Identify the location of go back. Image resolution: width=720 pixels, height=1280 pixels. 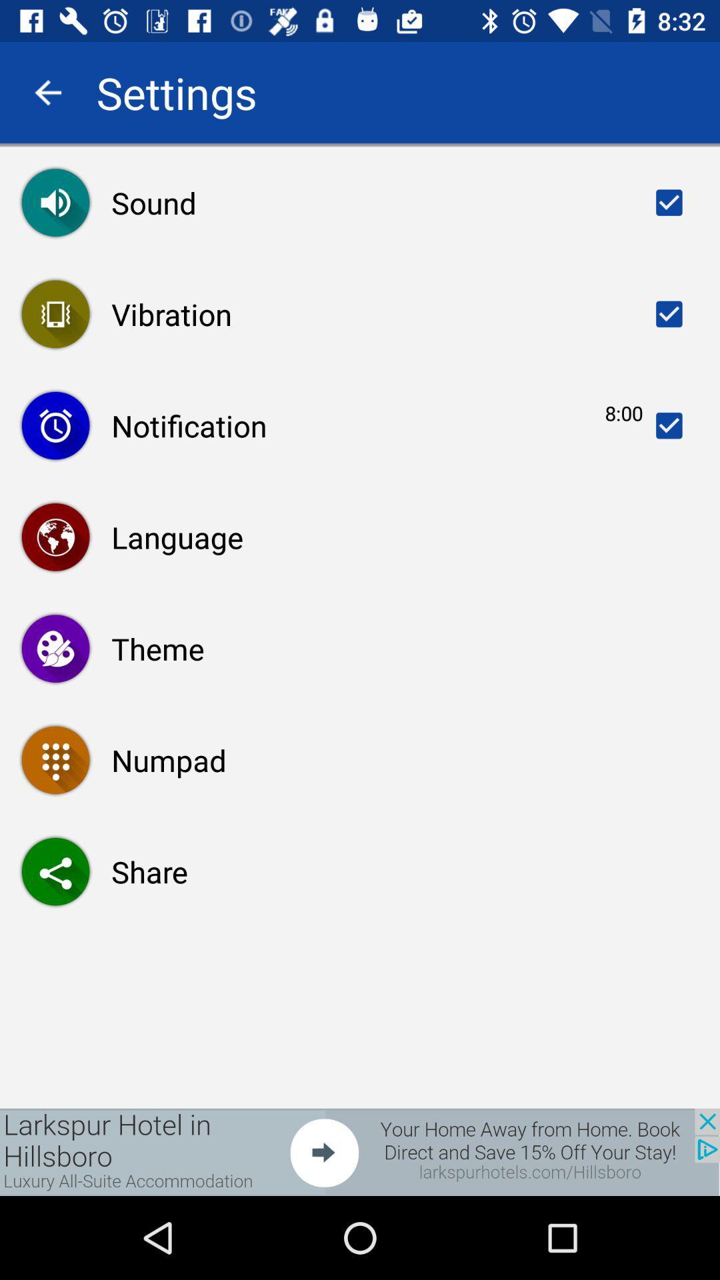
(47, 92).